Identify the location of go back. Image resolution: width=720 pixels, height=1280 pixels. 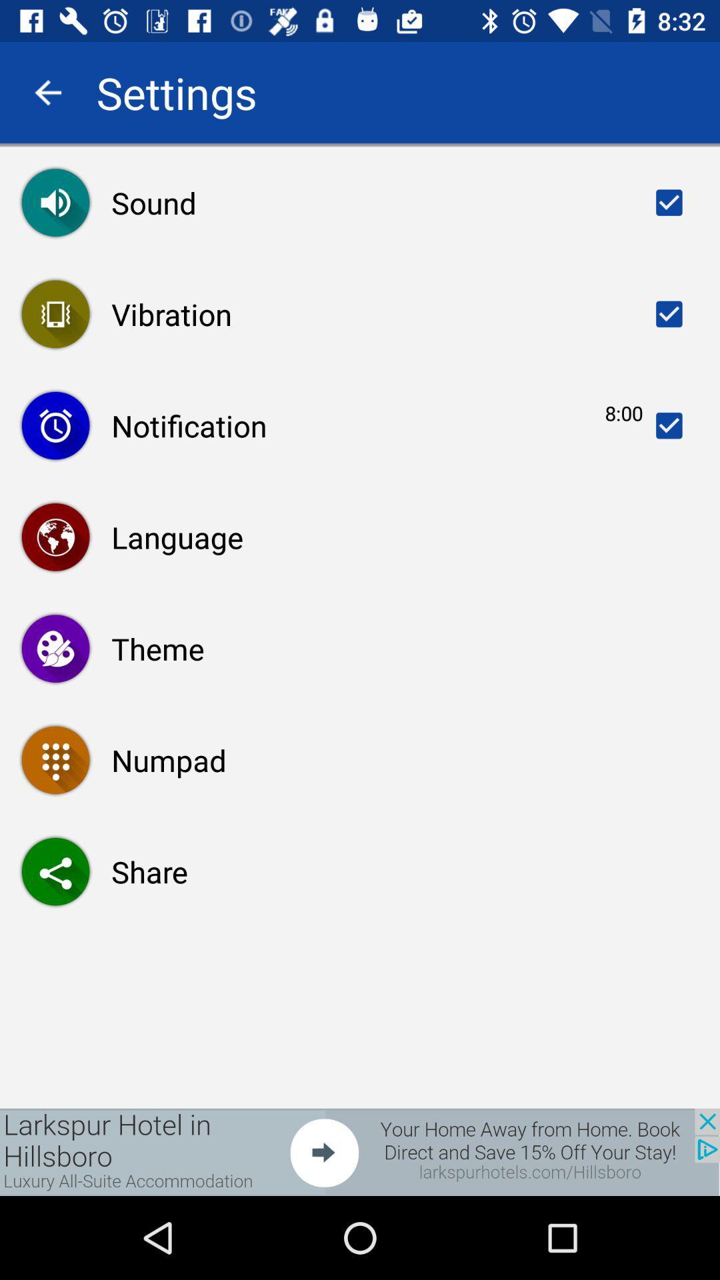
(47, 92).